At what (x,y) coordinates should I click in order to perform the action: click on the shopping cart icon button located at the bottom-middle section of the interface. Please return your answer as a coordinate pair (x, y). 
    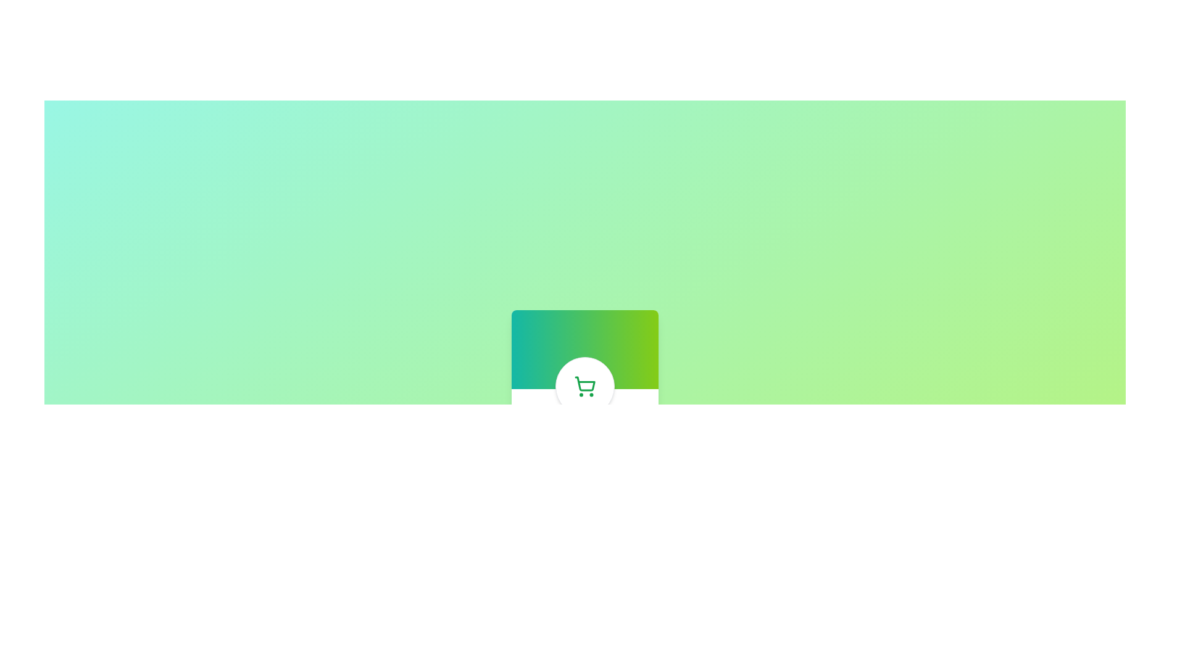
    Looking at the image, I should click on (584, 386).